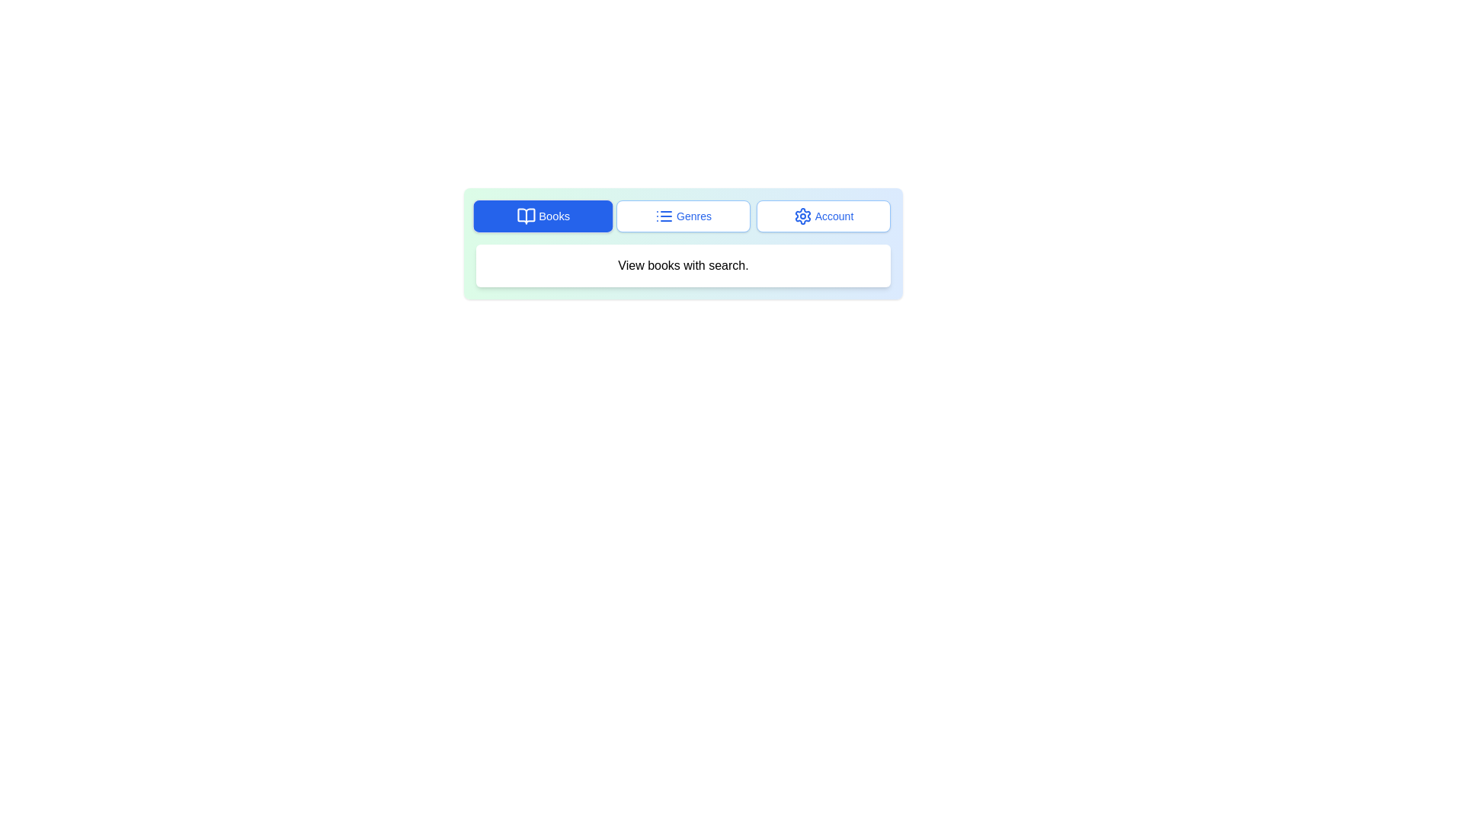 The height and width of the screenshot is (823, 1463). I want to click on the 'Genres' button, which has a white background, blue text, and a blue outline with a list icon to its left, positioned between the 'Books' and 'Account' buttons, so click(683, 216).